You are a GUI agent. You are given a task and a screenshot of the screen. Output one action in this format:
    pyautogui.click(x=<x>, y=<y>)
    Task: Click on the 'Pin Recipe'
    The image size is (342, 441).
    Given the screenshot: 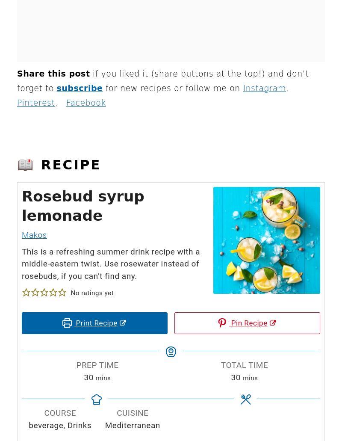 What is the action you would take?
    pyautogui.click(x=248, y=322)
    